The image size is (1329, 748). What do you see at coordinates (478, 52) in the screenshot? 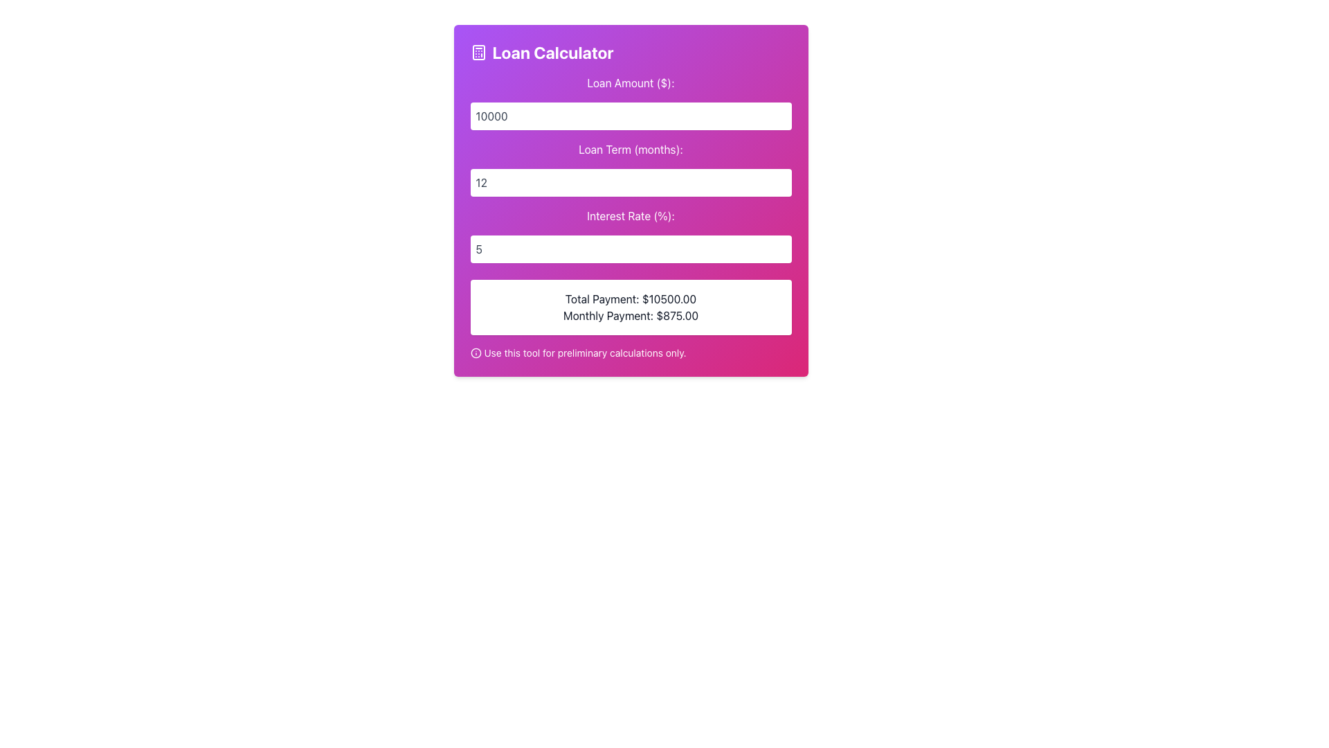
I see `the calculator icon located to the left of the 'Loan Calculator' heading at the top of the card` at bounding box center [478, 52].